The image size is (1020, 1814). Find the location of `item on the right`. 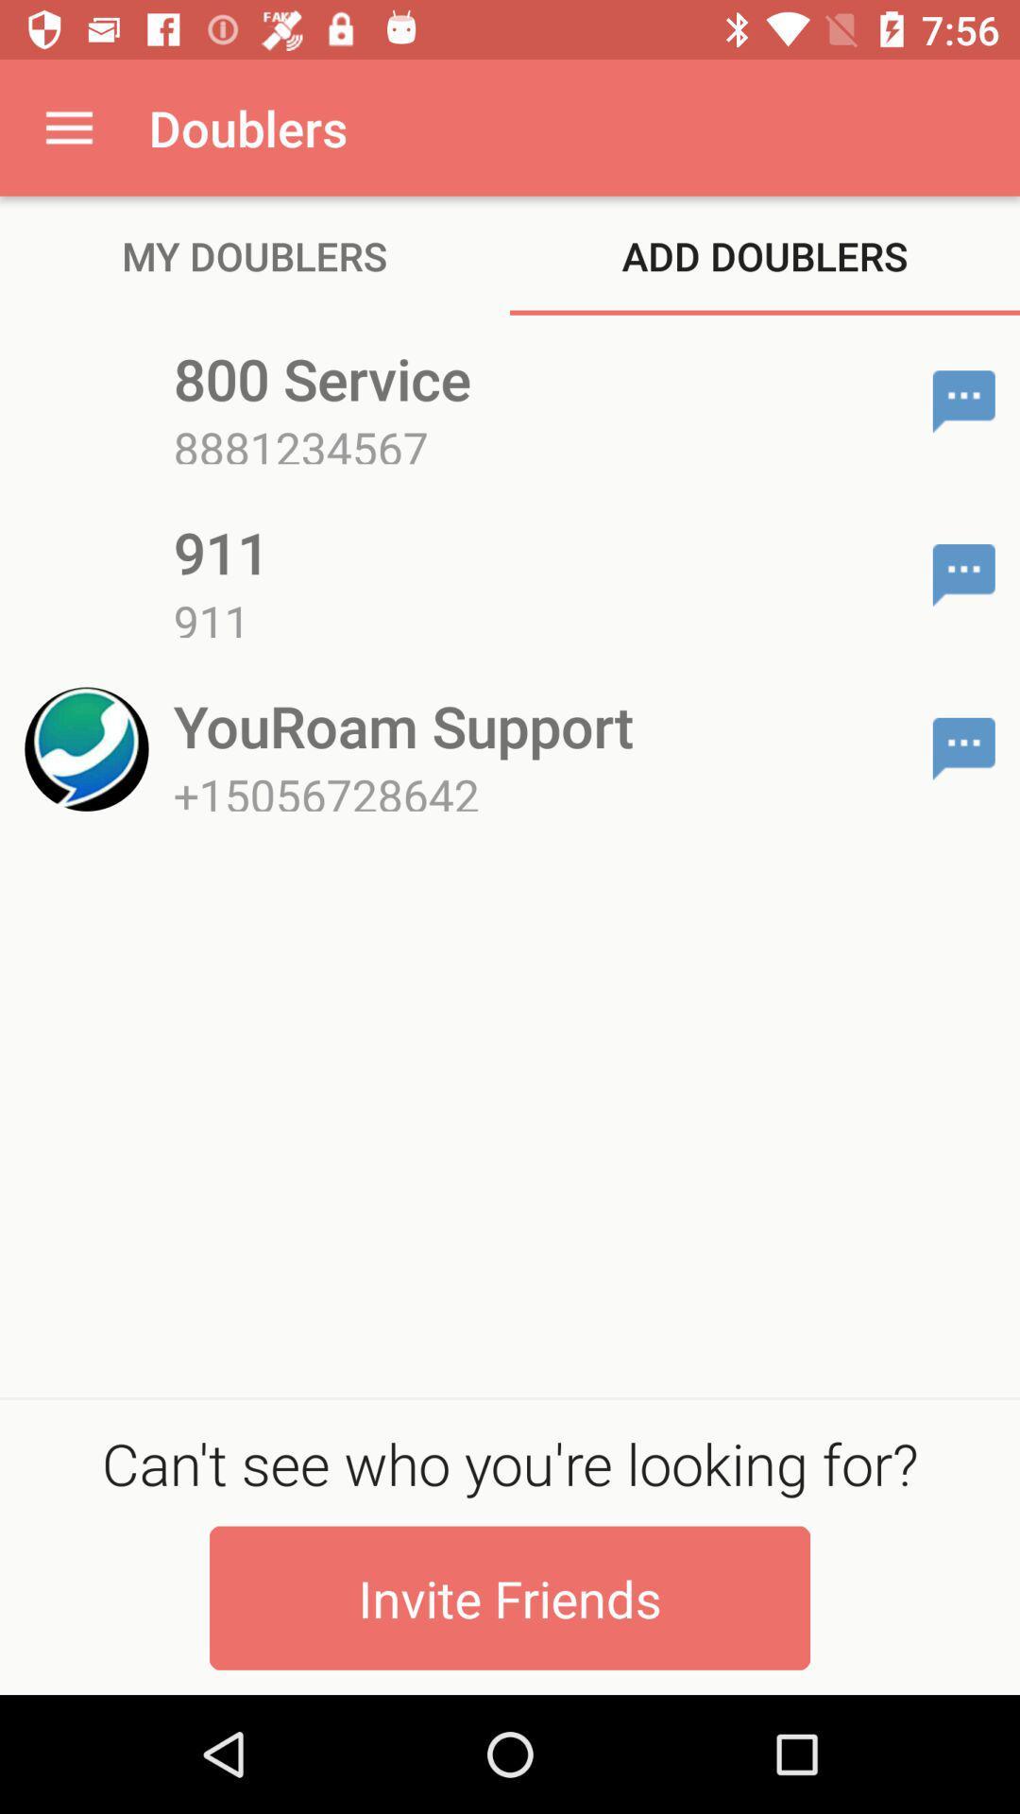

item on the right is located at coordinates (963, 747).